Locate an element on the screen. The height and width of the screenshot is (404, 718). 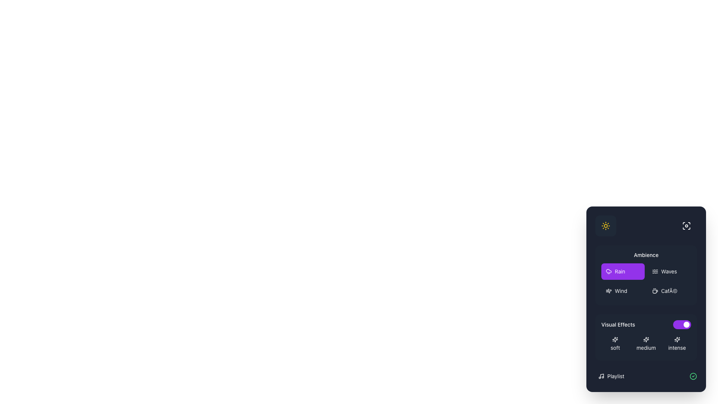
the 'Playlist' icon located at the bottom-left corner of the rectangular button is located at coordinates (601, 376).